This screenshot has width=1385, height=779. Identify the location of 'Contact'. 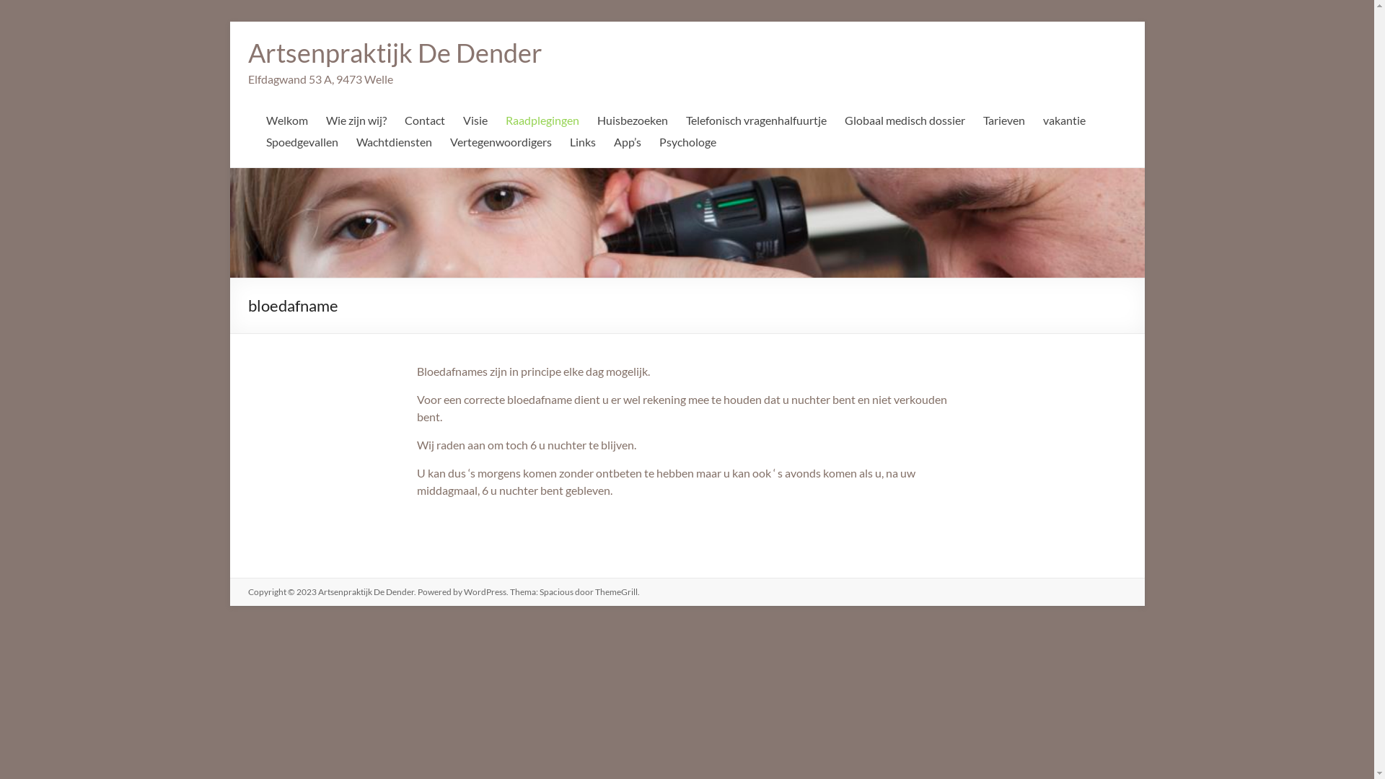
(423, 123).